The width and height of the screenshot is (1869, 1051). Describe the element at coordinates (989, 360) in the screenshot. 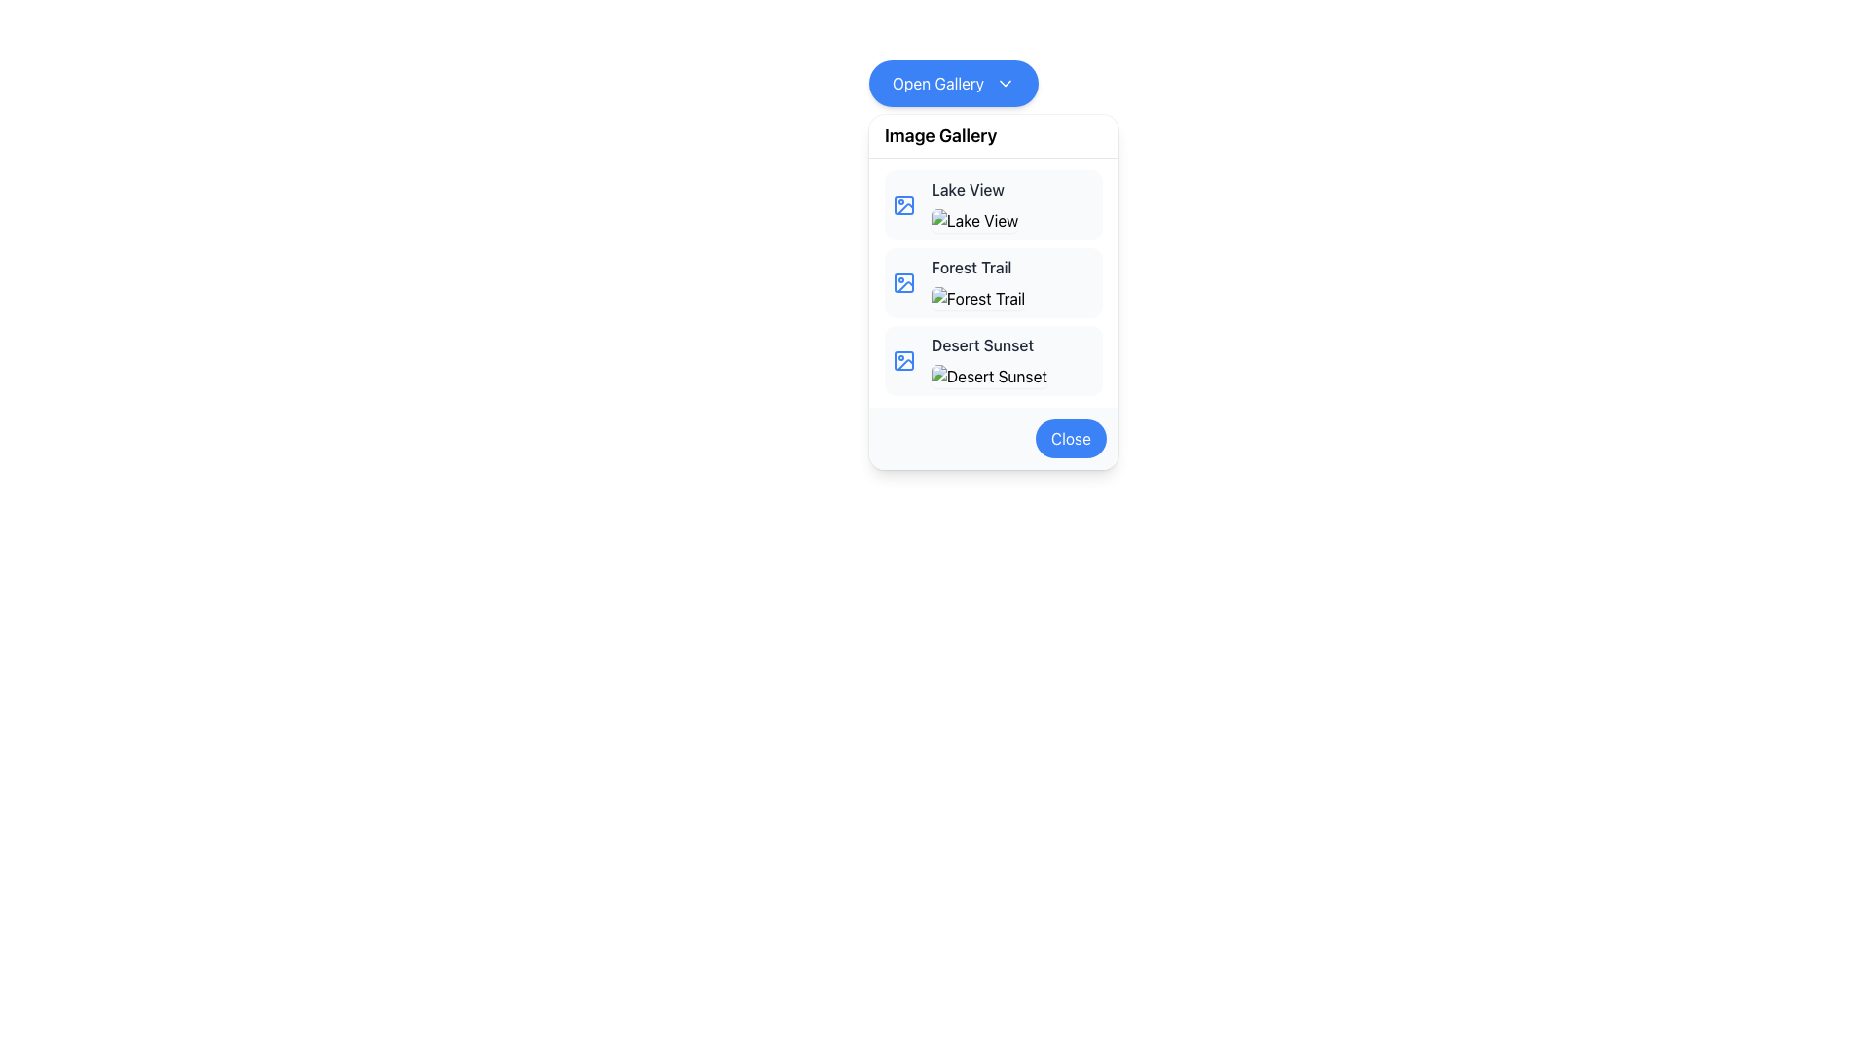

I see `the third item in the vertical list labeled 'Desert Sunset'` at that location.